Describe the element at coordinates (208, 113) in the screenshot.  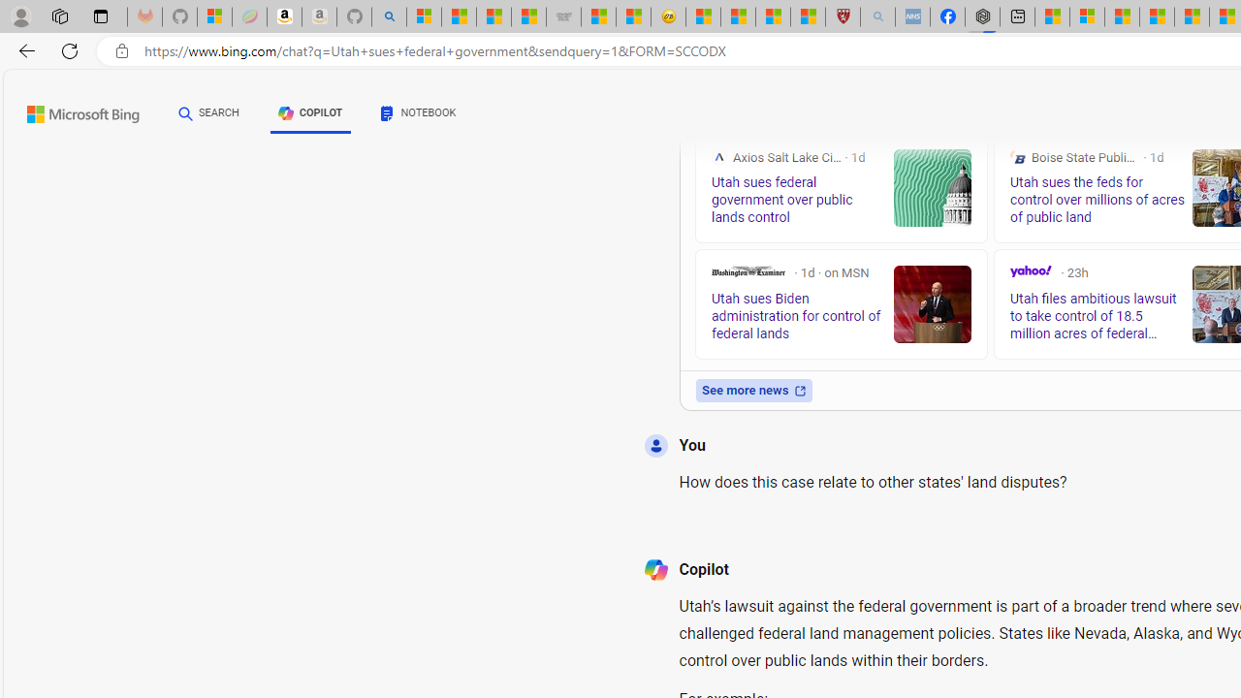
I see `'SEARCH'` at that location.